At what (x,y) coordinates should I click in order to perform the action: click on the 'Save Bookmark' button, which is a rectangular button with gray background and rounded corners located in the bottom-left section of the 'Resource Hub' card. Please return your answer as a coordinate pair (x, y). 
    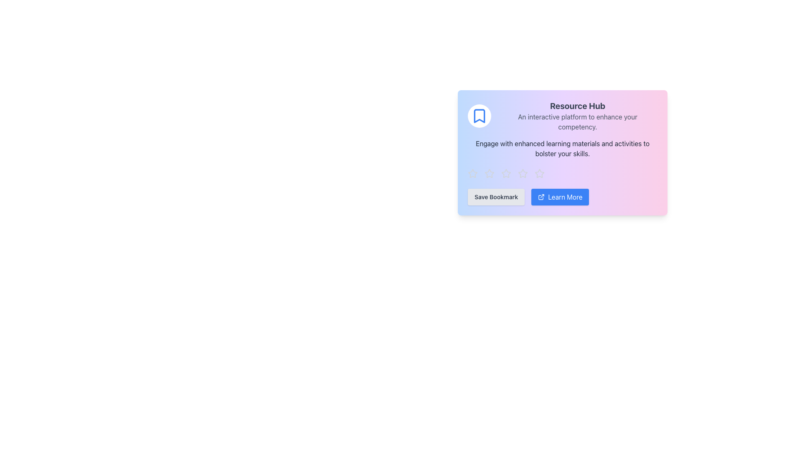
    Looking at the image, I should click on (496, 197).